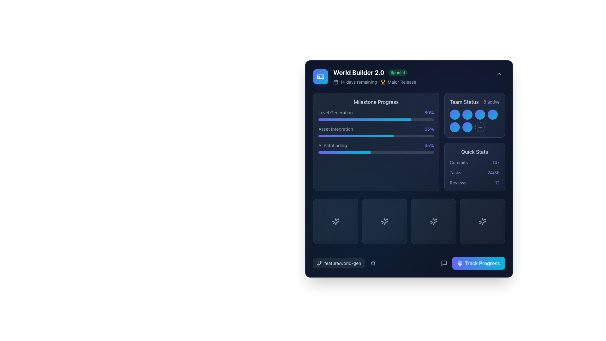  Describe the element at coordinates (355, 81) in the screenshot. I see `the textual label '14 days remaining' which is paired with a calendar icon, located on the left side of the horizontal group in the interface header` at that location.